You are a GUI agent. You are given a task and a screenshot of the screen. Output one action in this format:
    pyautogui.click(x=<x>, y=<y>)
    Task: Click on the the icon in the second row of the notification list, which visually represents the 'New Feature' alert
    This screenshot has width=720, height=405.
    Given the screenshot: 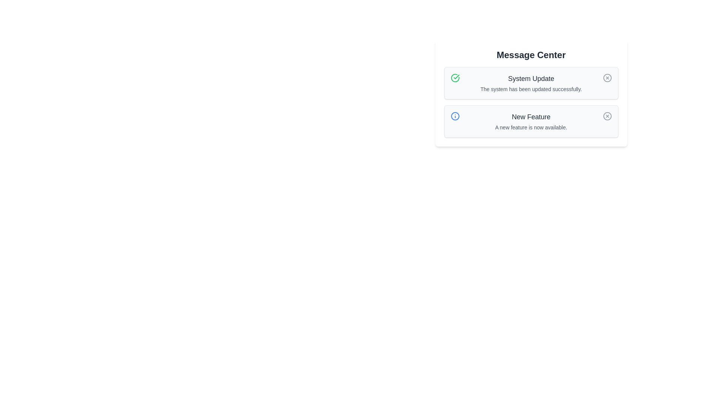 What is the action you would take?
    pyautogui.click(x=454, y=116)
    